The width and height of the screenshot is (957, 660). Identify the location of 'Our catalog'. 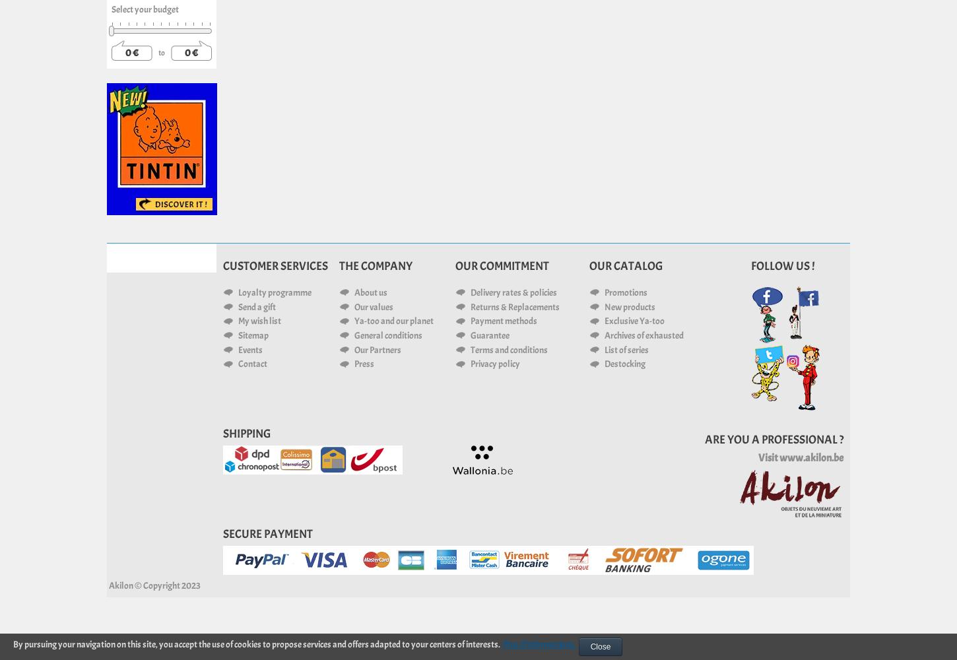
(625, 265).